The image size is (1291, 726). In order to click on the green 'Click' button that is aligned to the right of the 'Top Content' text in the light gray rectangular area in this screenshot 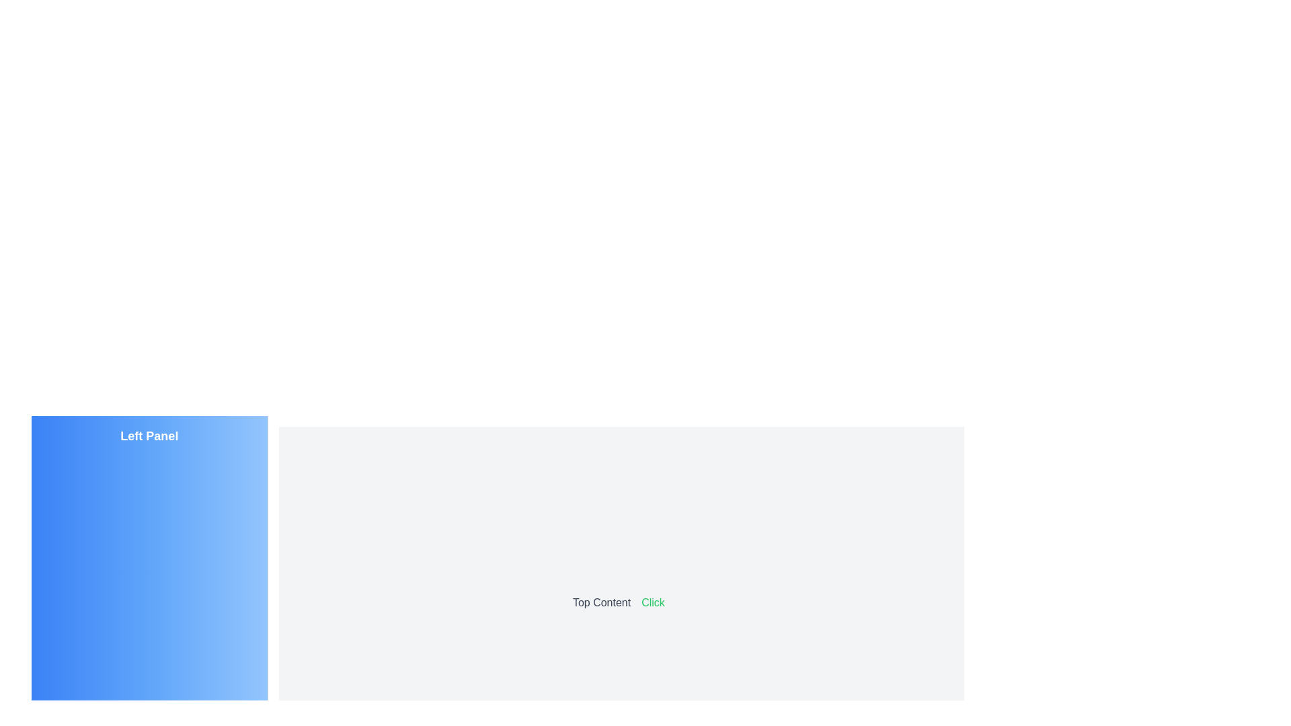, I will do `click(653, 602)`.